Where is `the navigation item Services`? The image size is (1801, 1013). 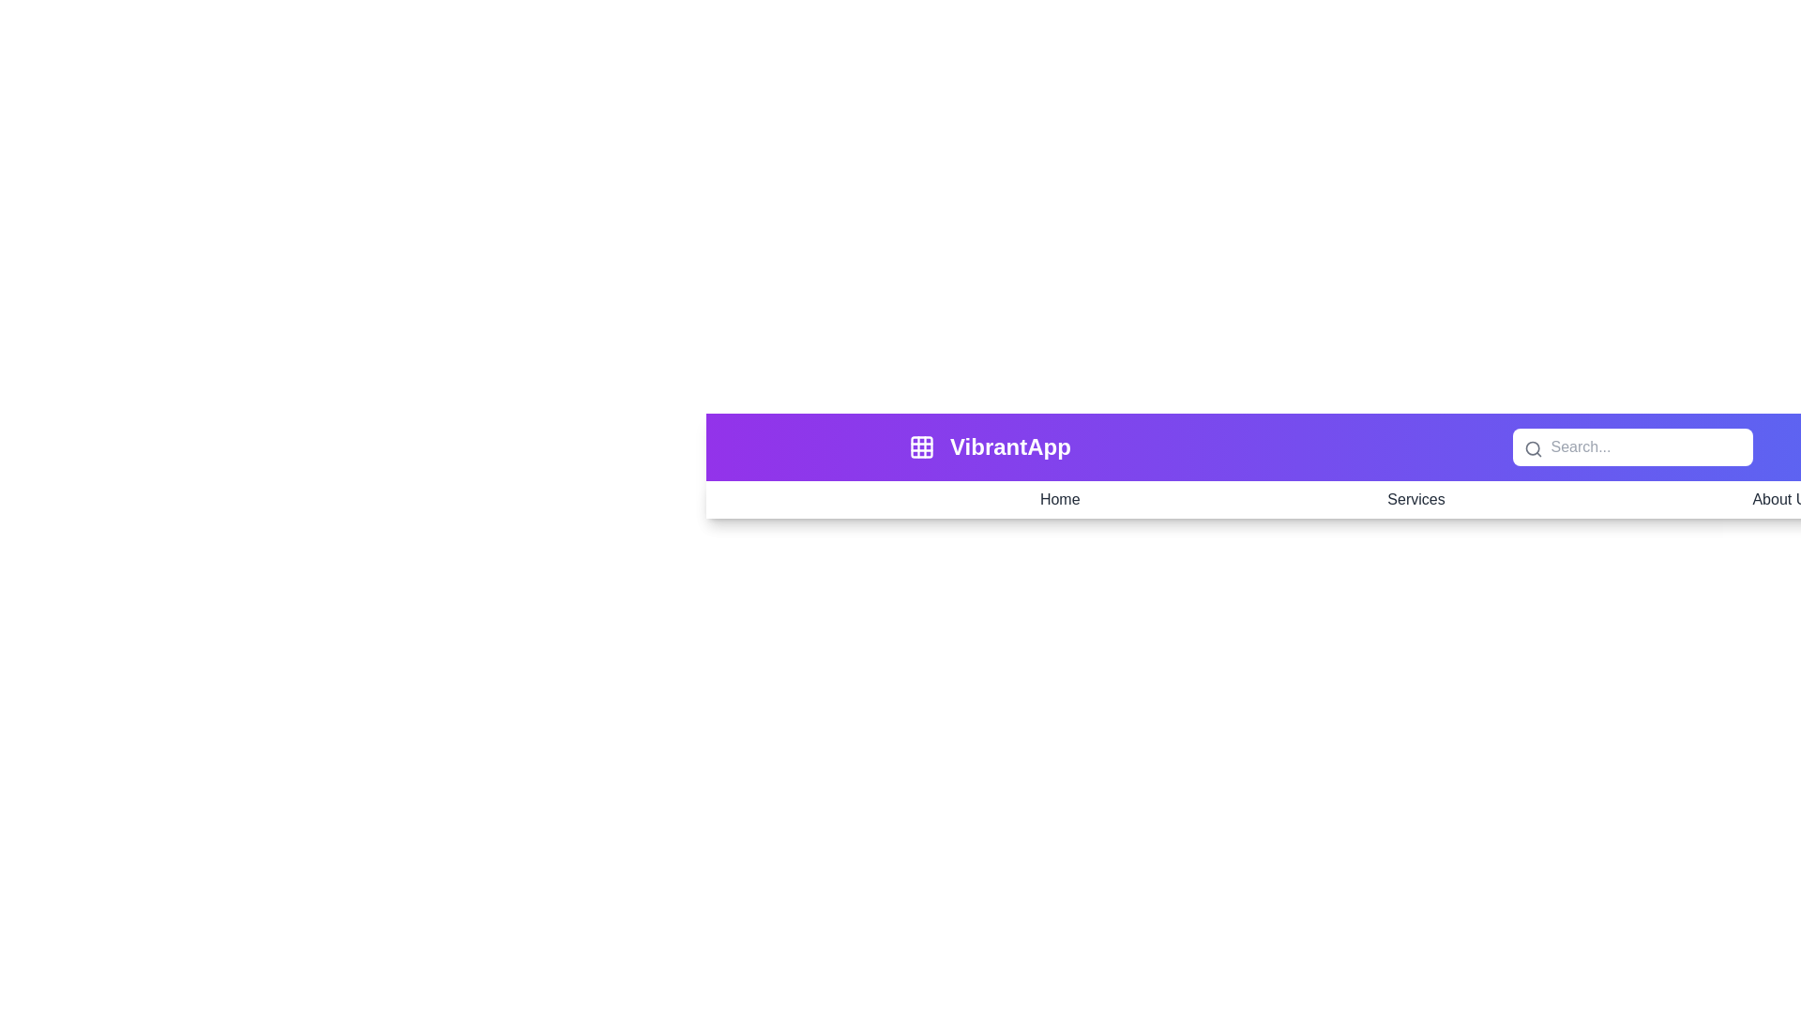 the navigation item Services is located at coordinates (1416, 498).